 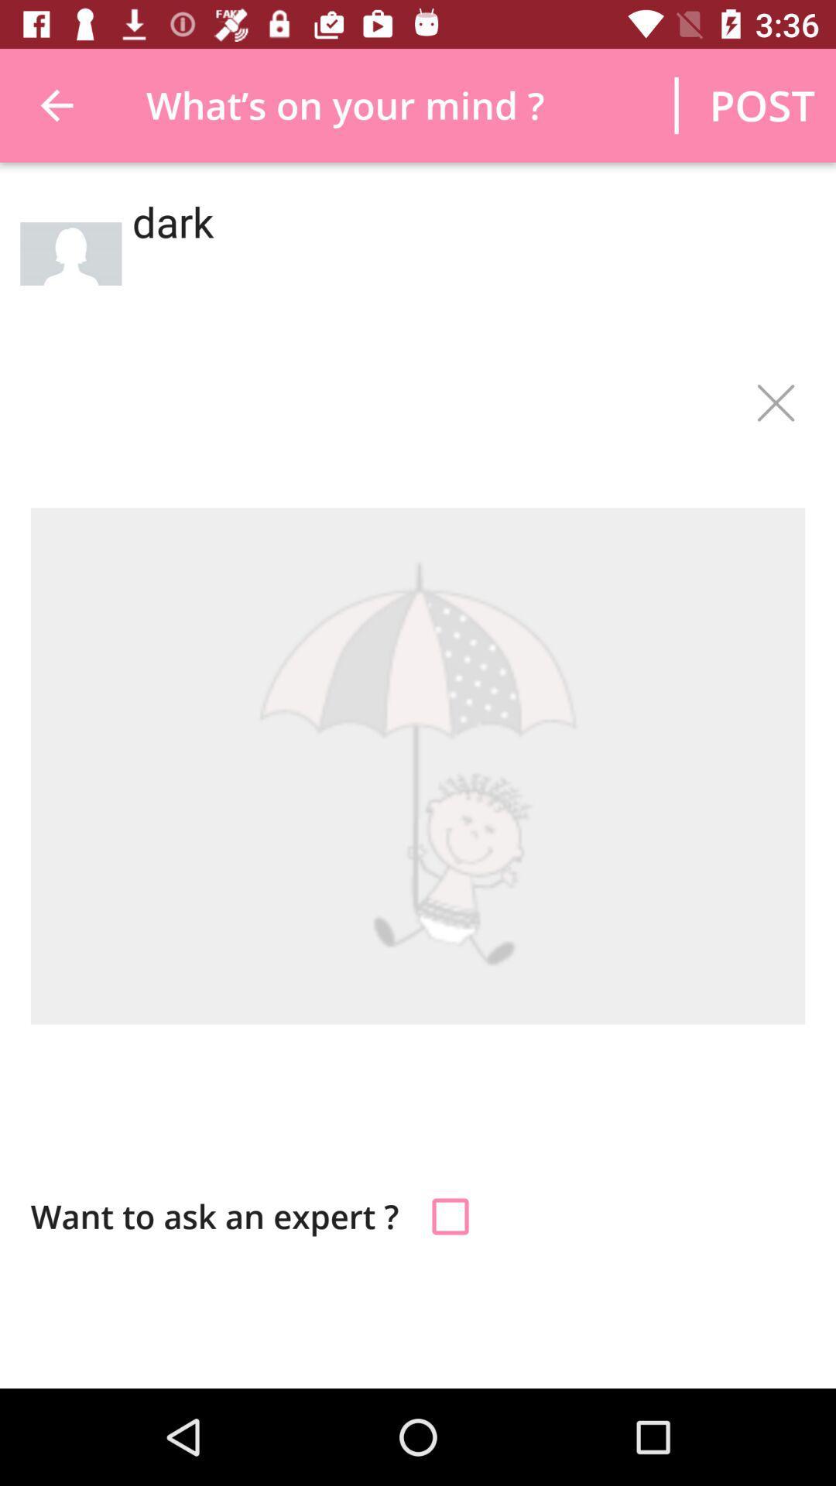 I want to click on the post item, so click(x=761, y=104).